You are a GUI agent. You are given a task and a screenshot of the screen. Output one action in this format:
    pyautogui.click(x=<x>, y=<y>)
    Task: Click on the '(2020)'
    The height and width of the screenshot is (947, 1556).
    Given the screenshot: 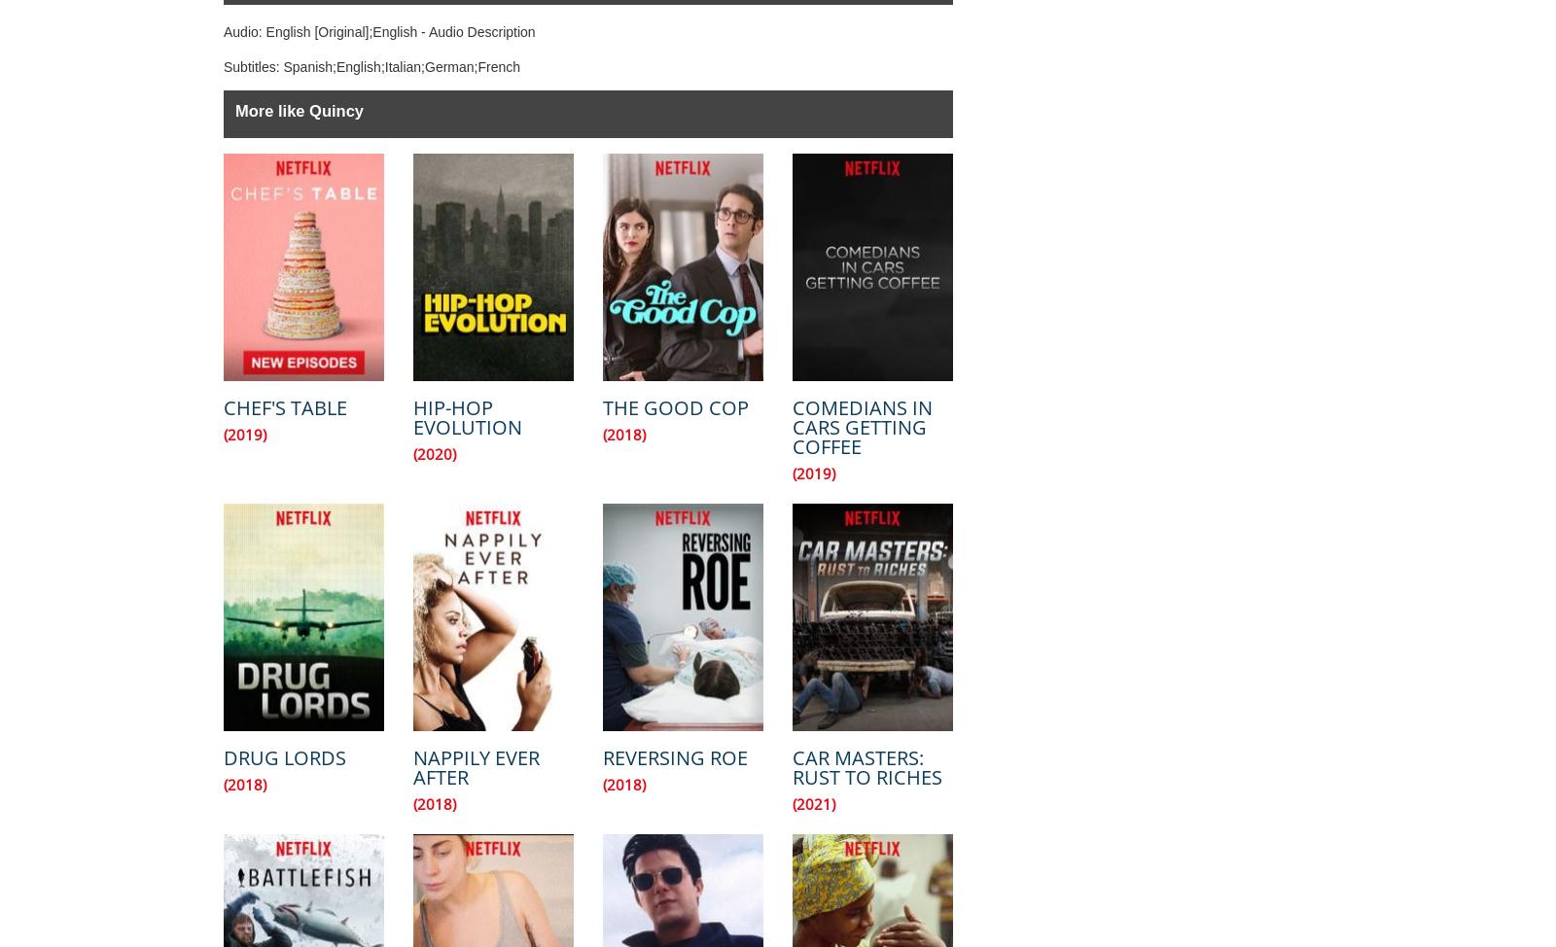 What is the action you would take?
    pyautogui.click(x=434, y=453)
    